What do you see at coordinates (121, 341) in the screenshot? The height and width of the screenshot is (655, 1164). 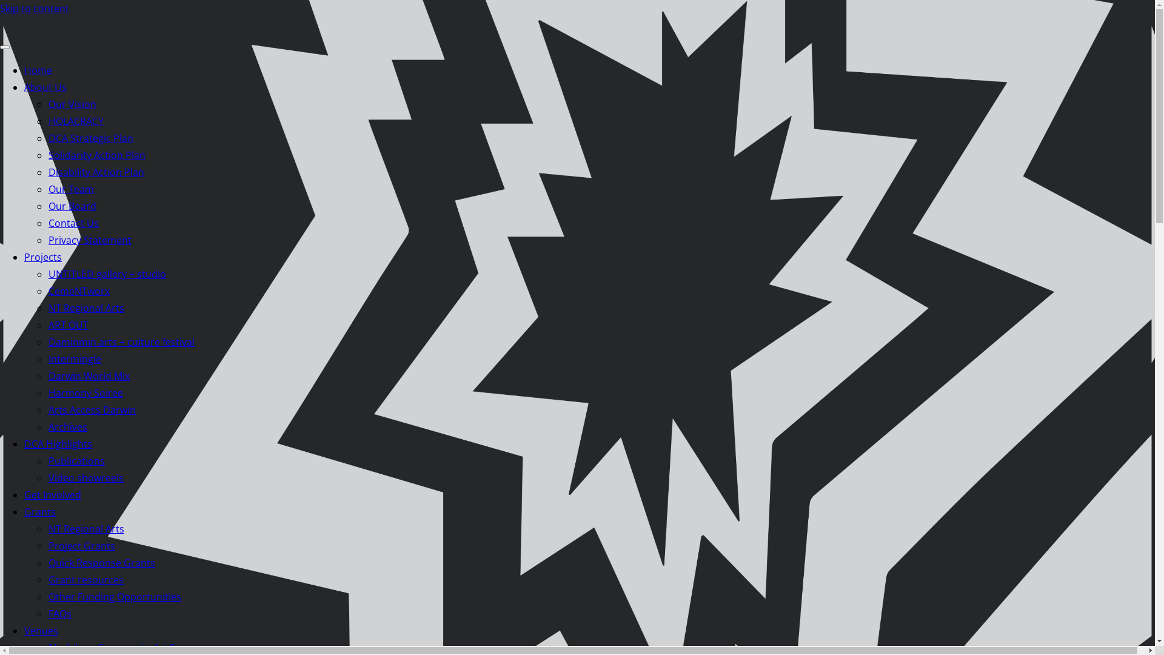 I see `'Daminmin arts + culture festival'` at bounding box center [121, 341].